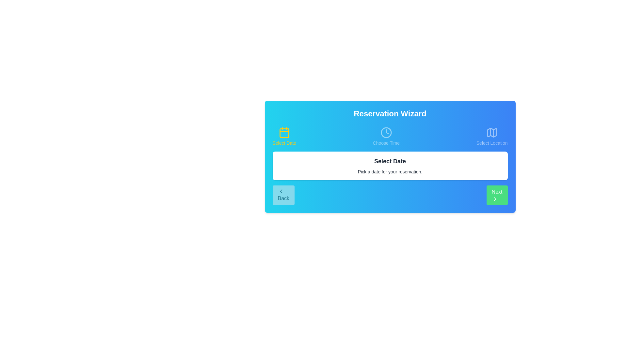 The height and width of the screenshot is (352, 627). Describe the element at coordinates (496, 195) in the screenshot. I see `the Next button to navigate` at that location.